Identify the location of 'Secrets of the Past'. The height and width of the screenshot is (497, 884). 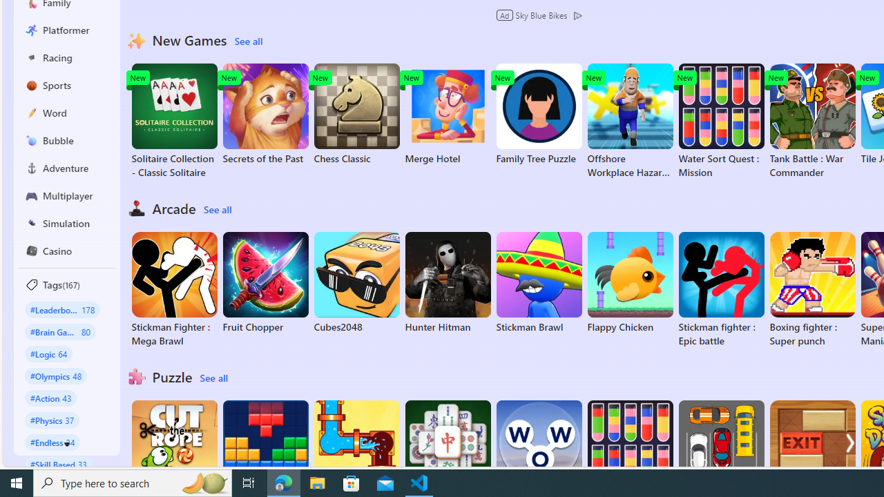
(265, 113).